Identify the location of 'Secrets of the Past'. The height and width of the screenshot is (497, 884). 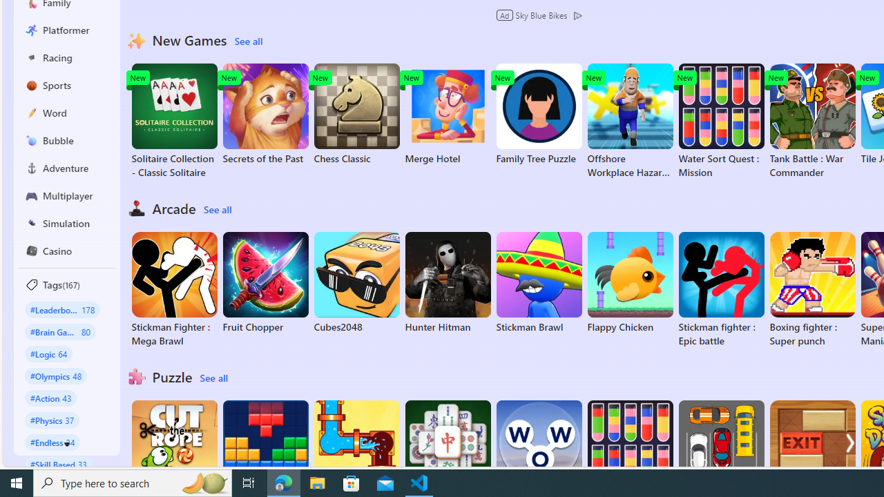
(265, 113).